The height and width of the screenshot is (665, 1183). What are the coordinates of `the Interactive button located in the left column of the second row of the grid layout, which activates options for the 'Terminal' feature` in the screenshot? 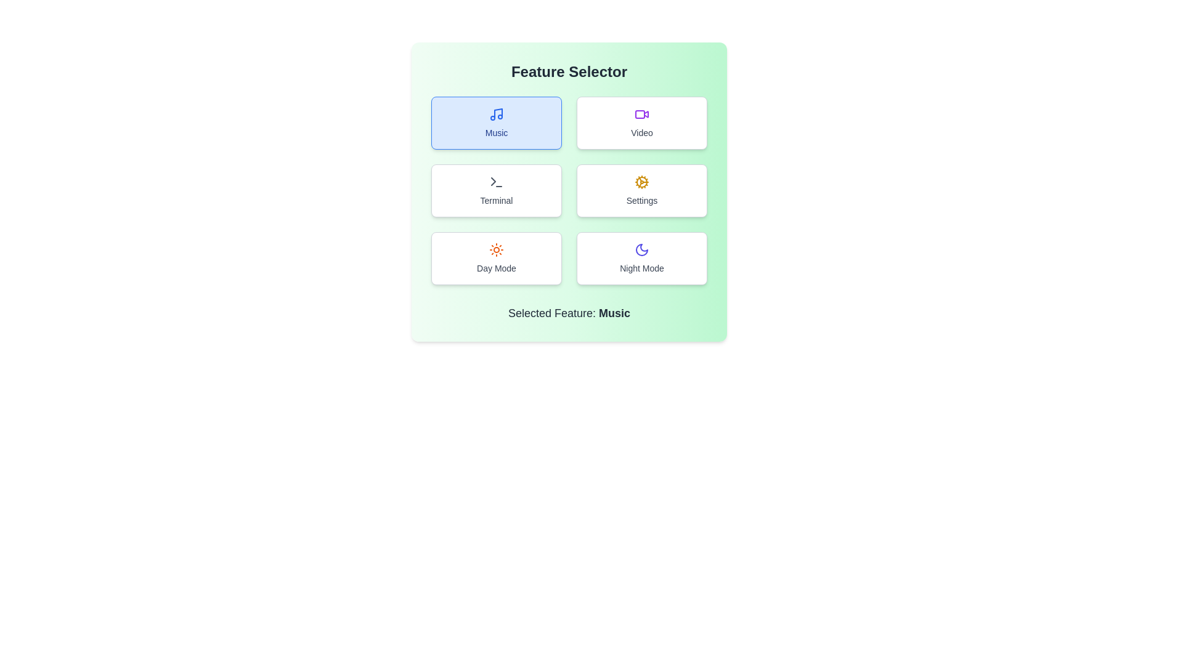 It's located at (497, 190).